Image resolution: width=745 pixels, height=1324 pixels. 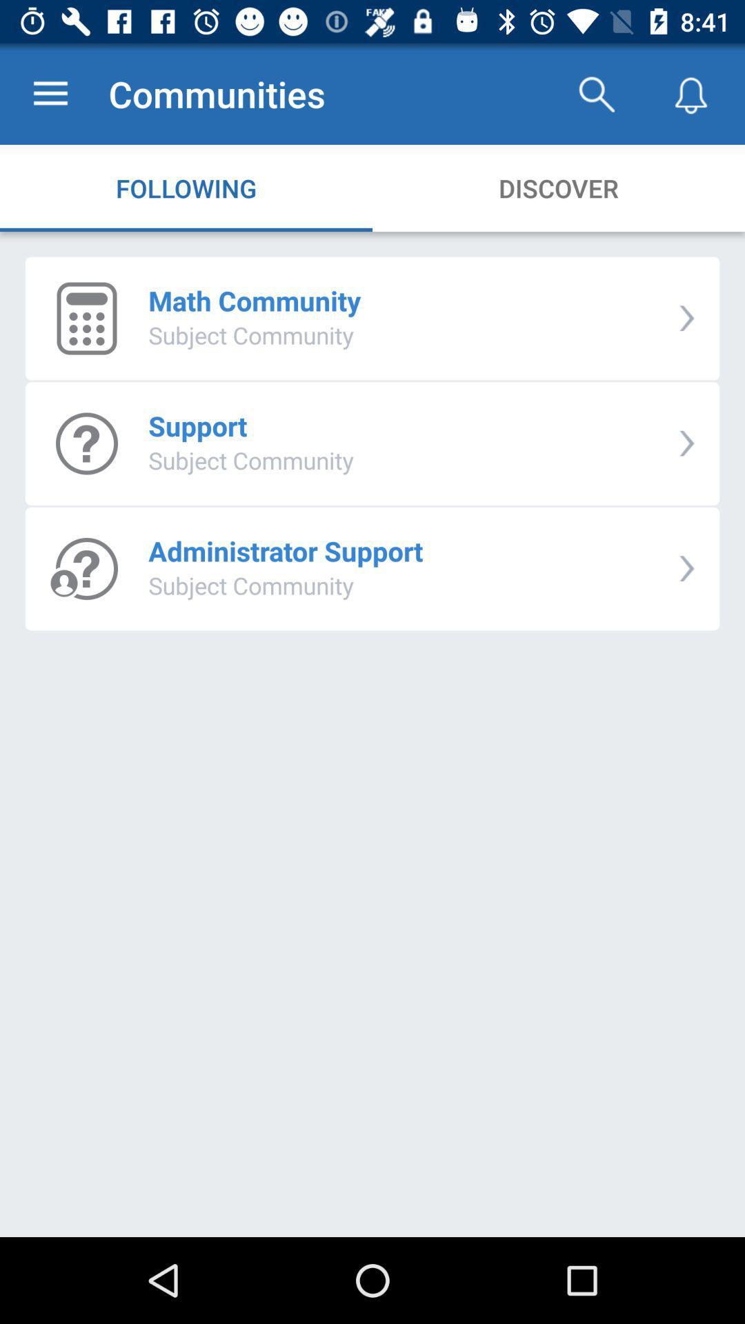 I want to click on item next to the communities, so click(x=595, y=93).